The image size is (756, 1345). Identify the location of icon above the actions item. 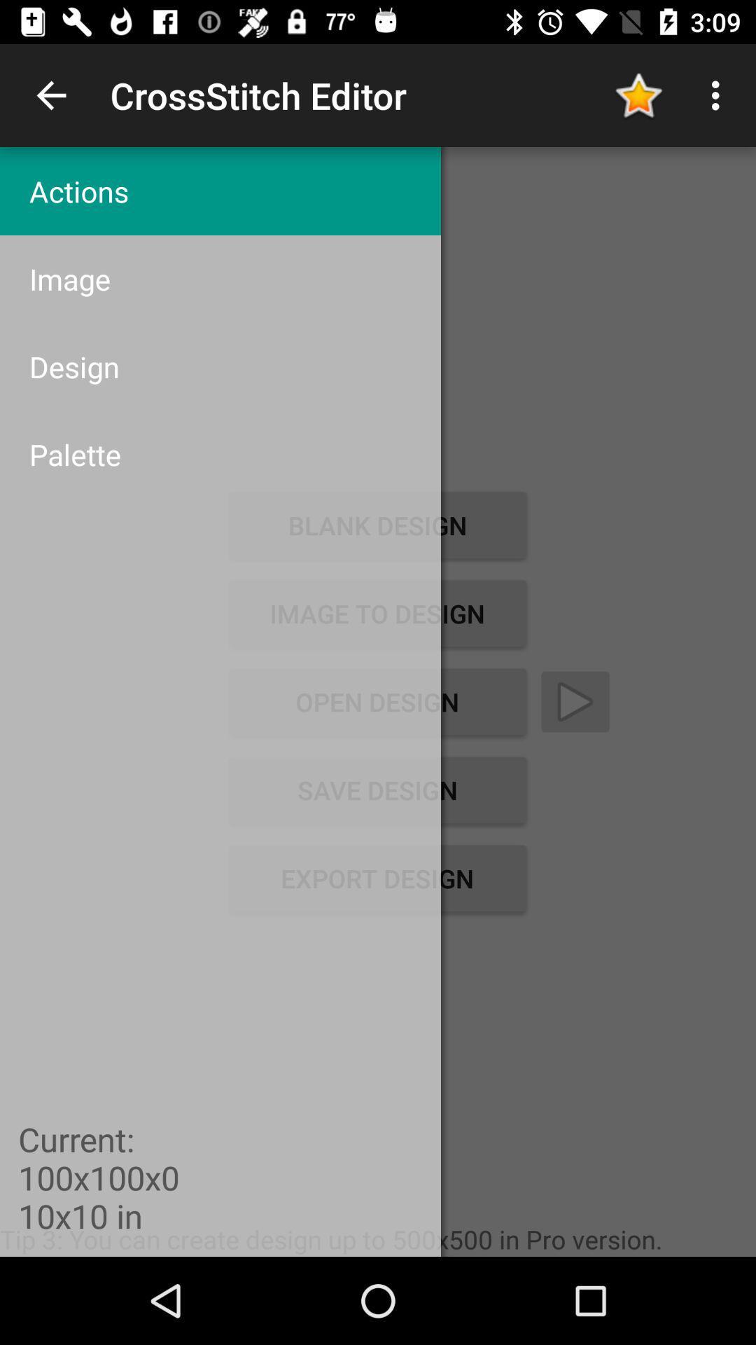
(50, 95).